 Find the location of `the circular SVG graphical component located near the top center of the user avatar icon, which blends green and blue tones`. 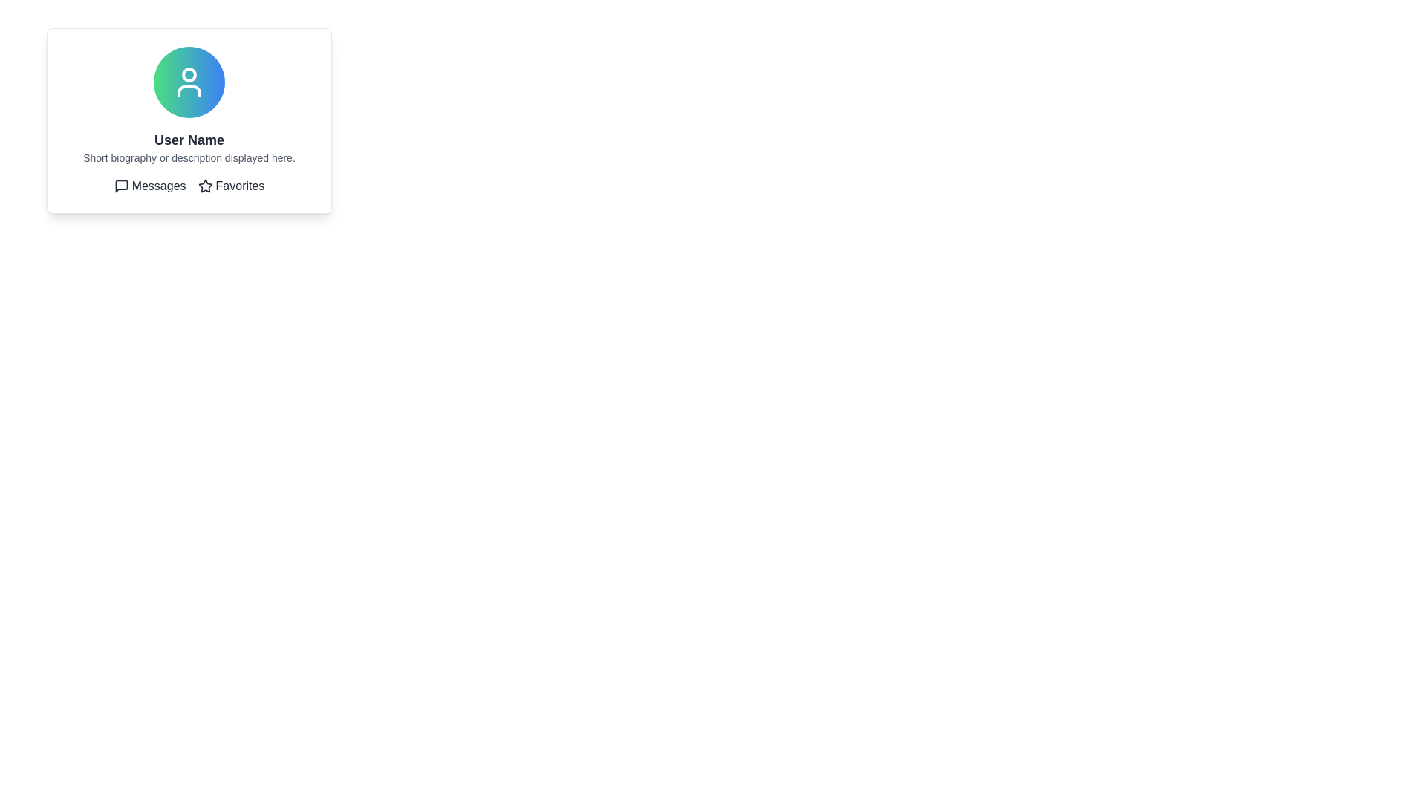

the circular SVG graphical component located near the top center of the user avatar icon, which blends green and blue tones is located at coordinates (188, 74).